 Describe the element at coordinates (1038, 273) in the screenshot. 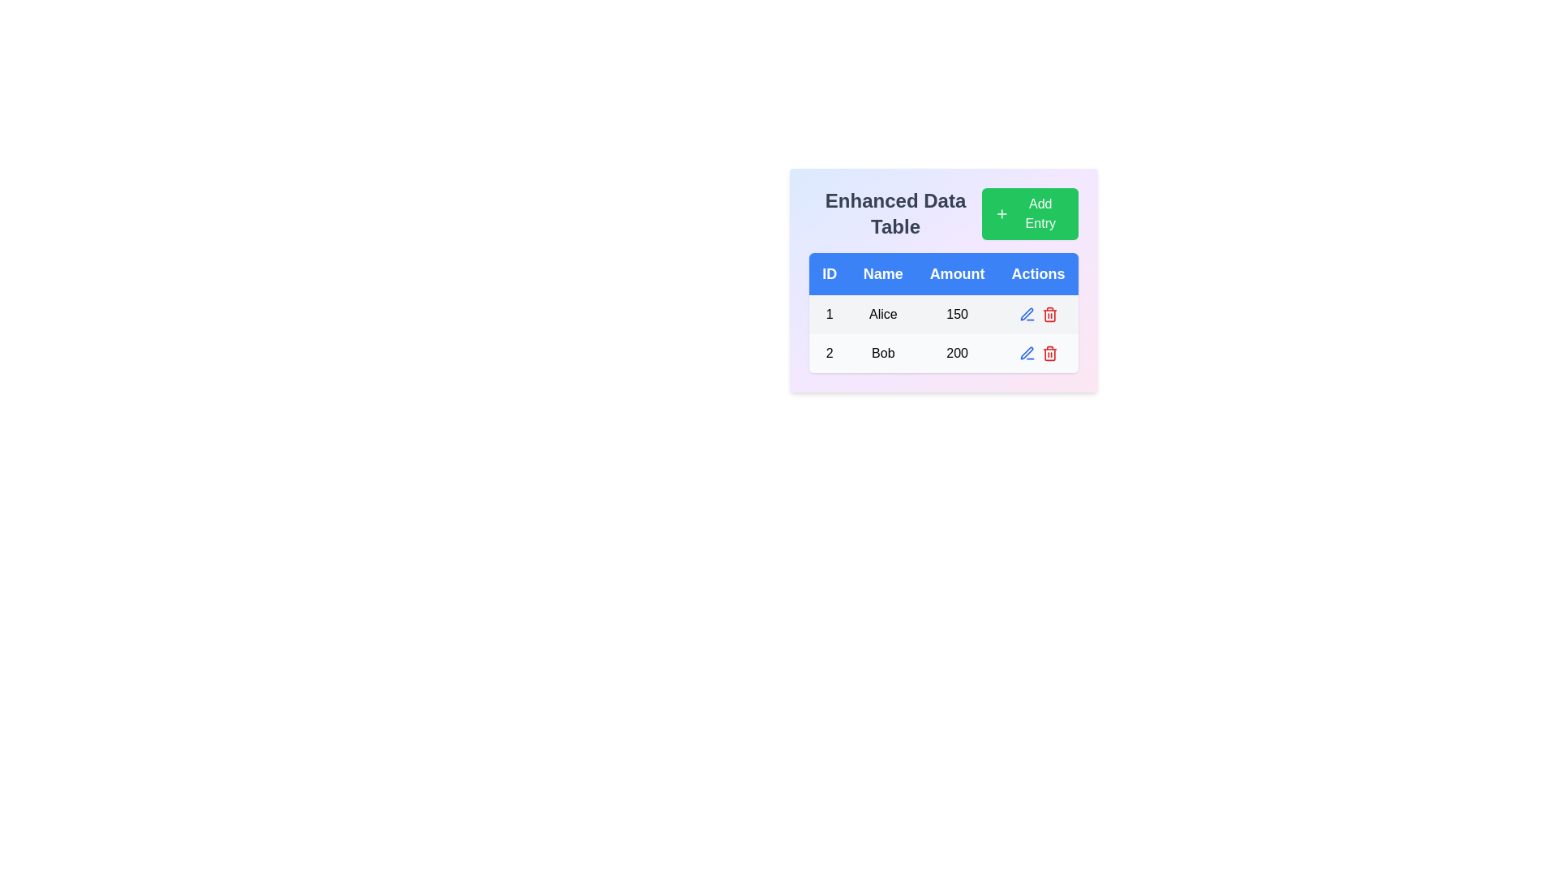

I see `the 'Actions' column header cell of the table, which is the rightmost header following 'ID', 'Name', and 'Amount'` at that location.